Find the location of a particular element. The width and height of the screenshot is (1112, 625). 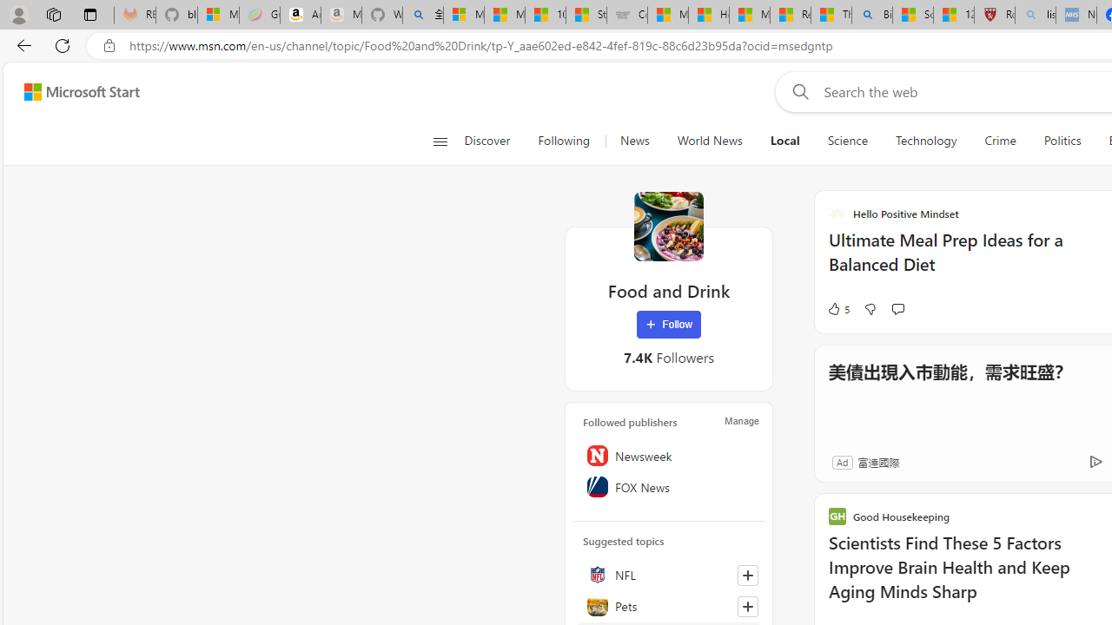

'Bing' is located at coordinates (871, 15).